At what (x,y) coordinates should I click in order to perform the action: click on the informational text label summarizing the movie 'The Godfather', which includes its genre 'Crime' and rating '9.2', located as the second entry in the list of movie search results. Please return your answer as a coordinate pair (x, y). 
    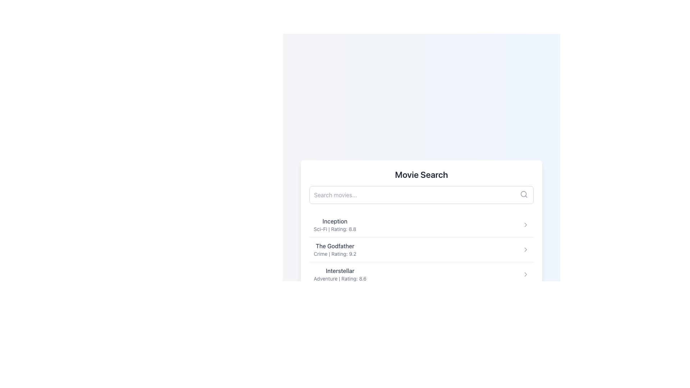
    Looking at the image, I should click on (335, 249).